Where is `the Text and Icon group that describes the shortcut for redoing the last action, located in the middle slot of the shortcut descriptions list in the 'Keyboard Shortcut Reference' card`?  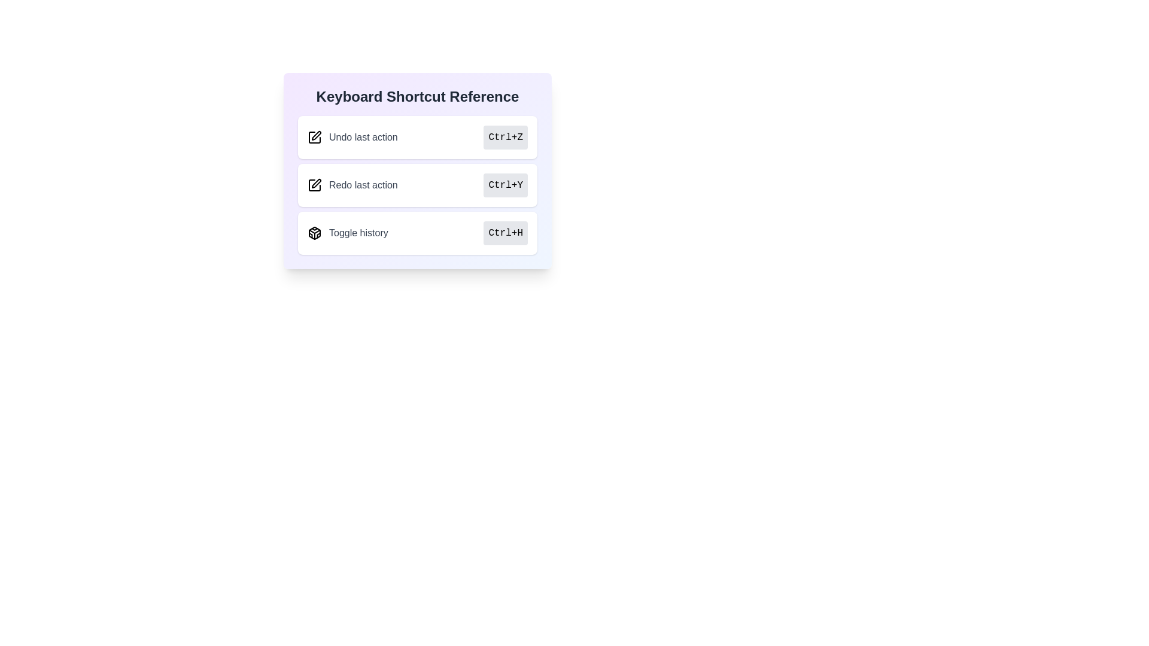 the Text and Icon group that describes the shortcut for redoing the last action, located in the middle slot of the shortcut descriptions list in the 'Keyboard Shortcut Reference' card is located at coordinates (352, 185).